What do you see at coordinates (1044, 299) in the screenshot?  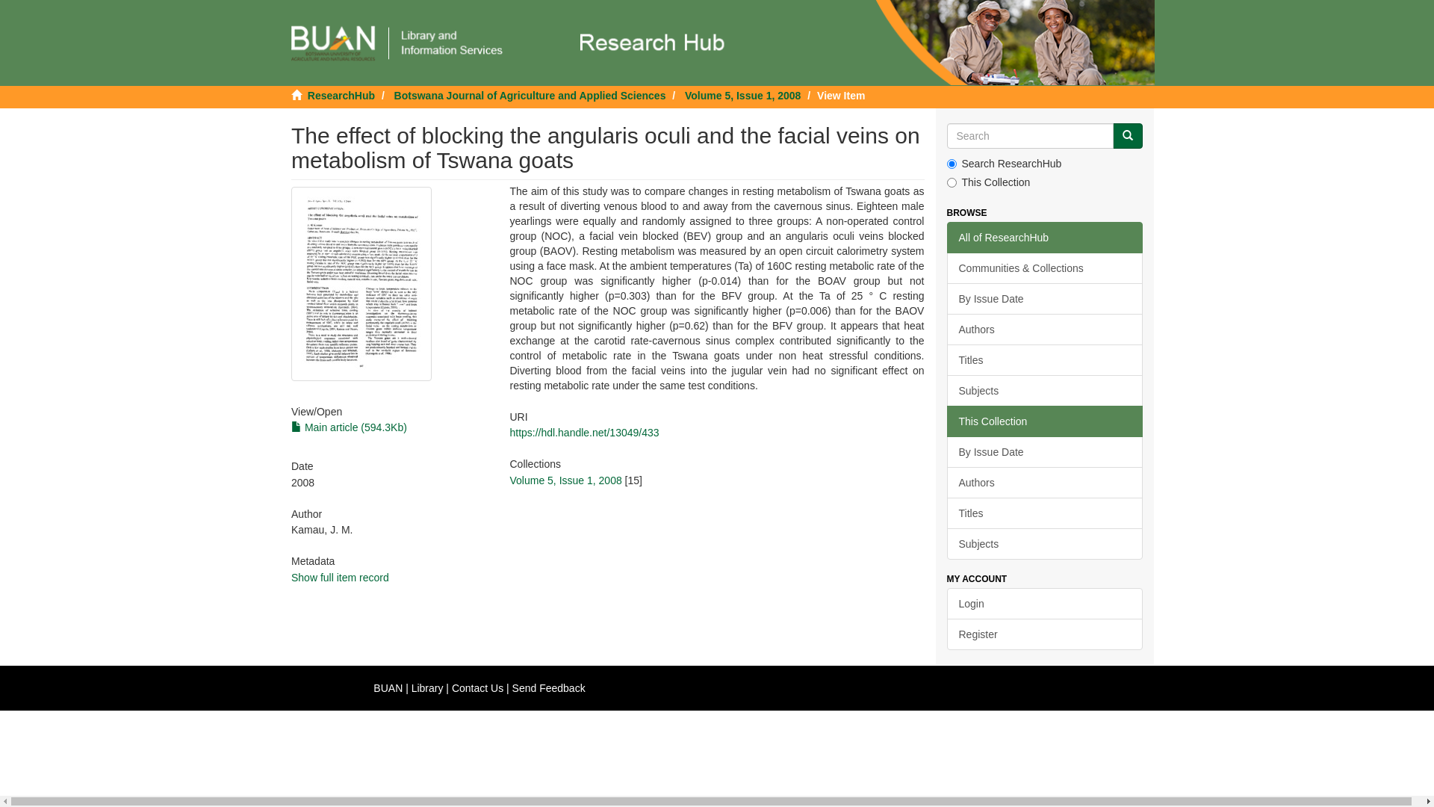 I see `'By Issue Date'` at bounding box center [1044, 299].